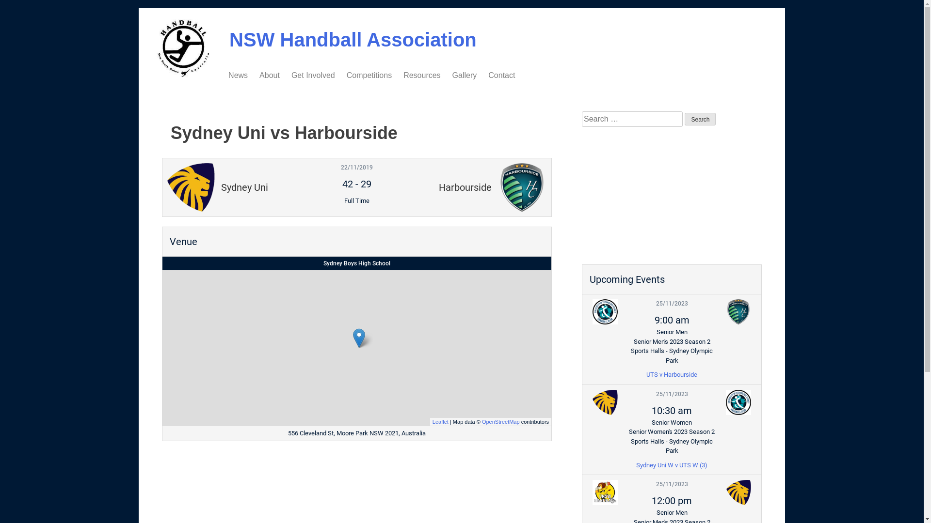 This screenshot has height=523, width=931. Describe the element at coordinates (671, 411) in the screenshot. I see `'10:30 am'` at that location.